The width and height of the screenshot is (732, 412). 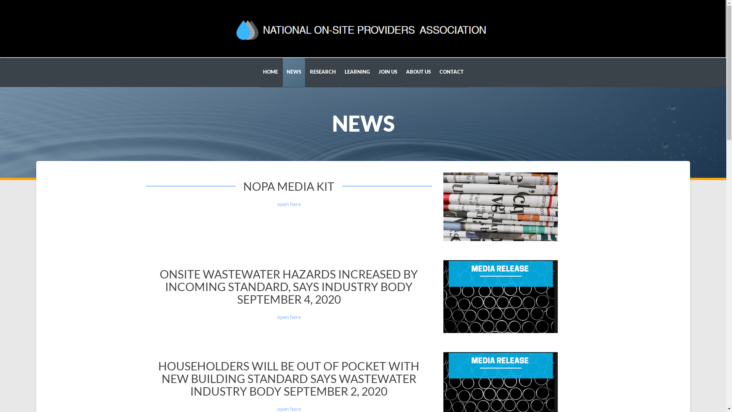 What do you see at coordinates (356, 72) in the screenshot?
I see `'LEARNING'` at bounding box center [356, 72].